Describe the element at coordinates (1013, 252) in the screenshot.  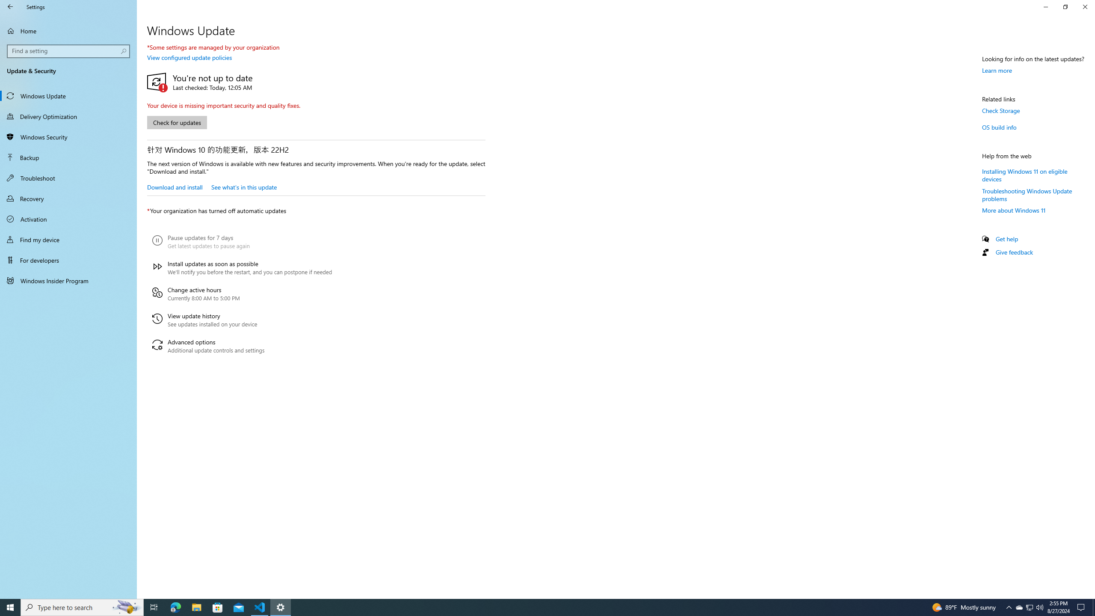
I see `'Give feedback'` at that location.